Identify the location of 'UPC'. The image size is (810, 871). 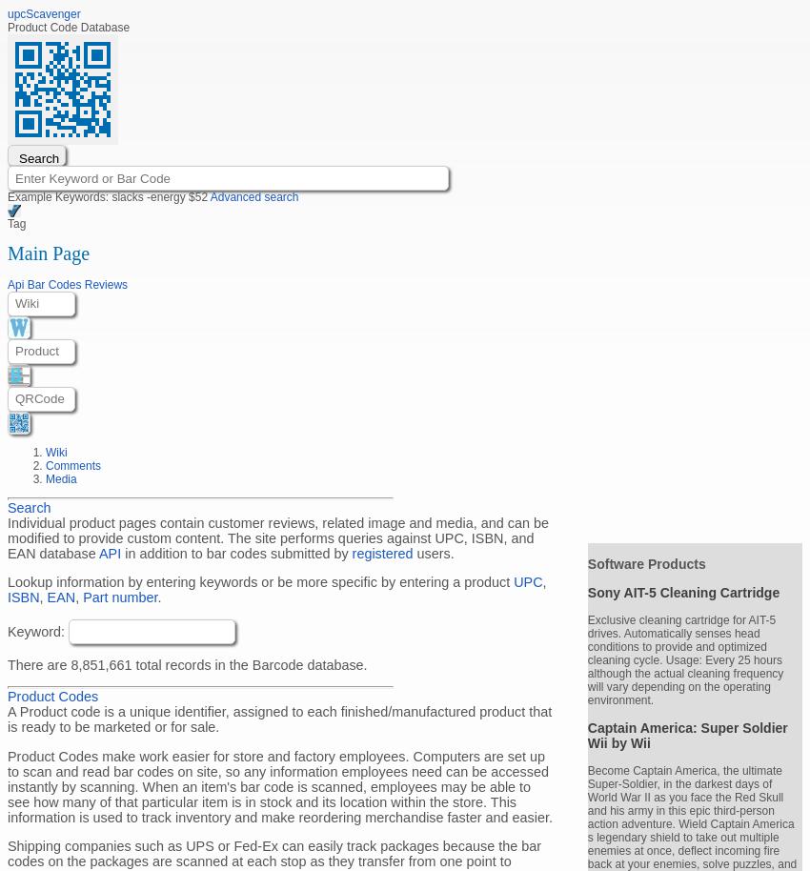
(528, 581).